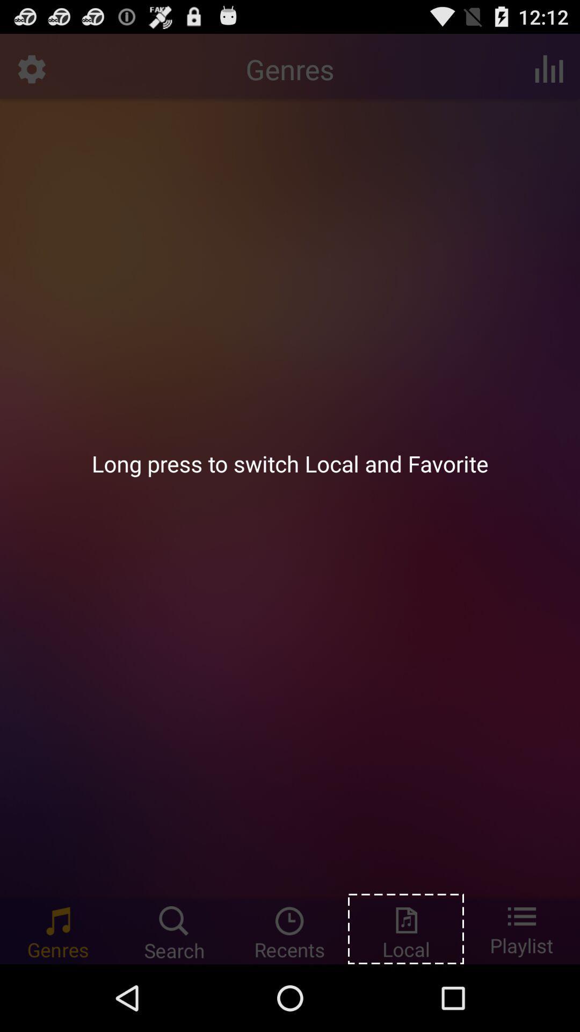  Describe the element at coordinates (549, 68) in the screenshot. I see `icon above long press to icon` at that location.